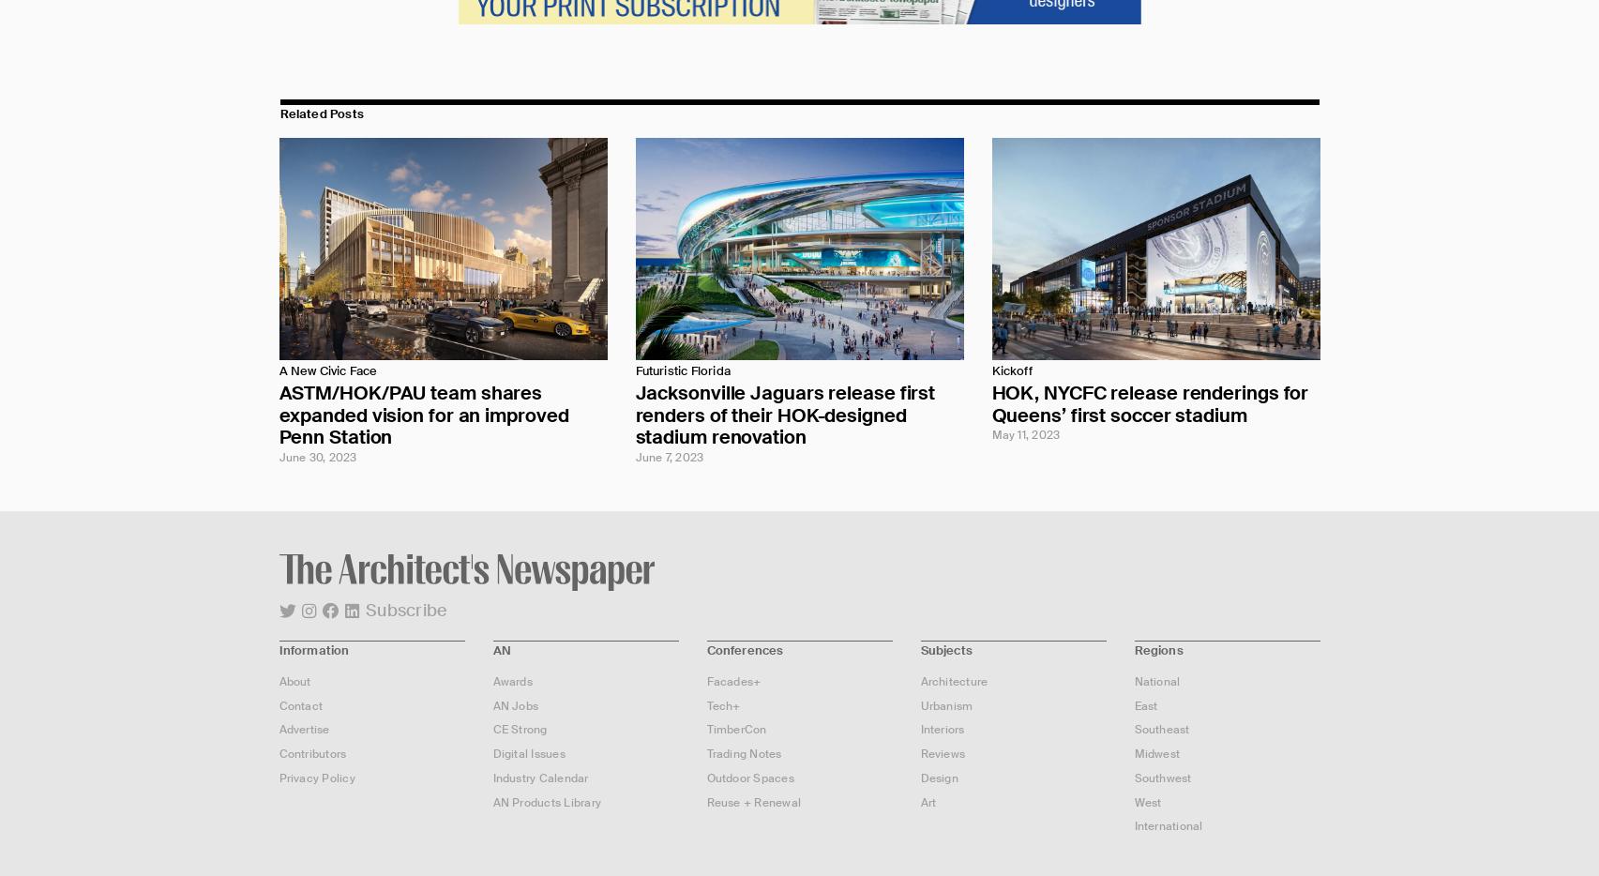 Image resolution: width=1599 pixels, height=876 pixels. I want to click on 'Industry Calendar', so click(539, 778).